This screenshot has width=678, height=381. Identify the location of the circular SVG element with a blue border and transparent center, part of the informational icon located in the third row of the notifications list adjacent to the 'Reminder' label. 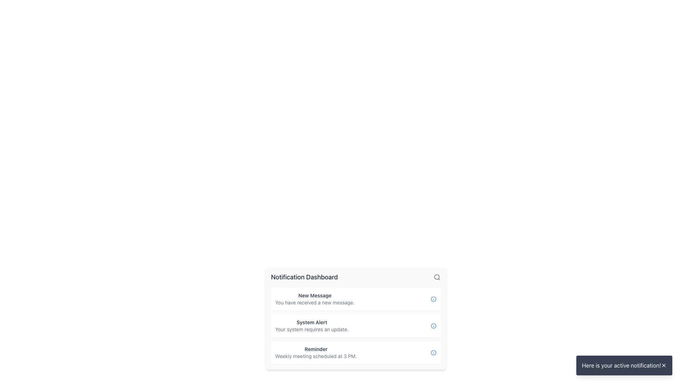
(433, 352).